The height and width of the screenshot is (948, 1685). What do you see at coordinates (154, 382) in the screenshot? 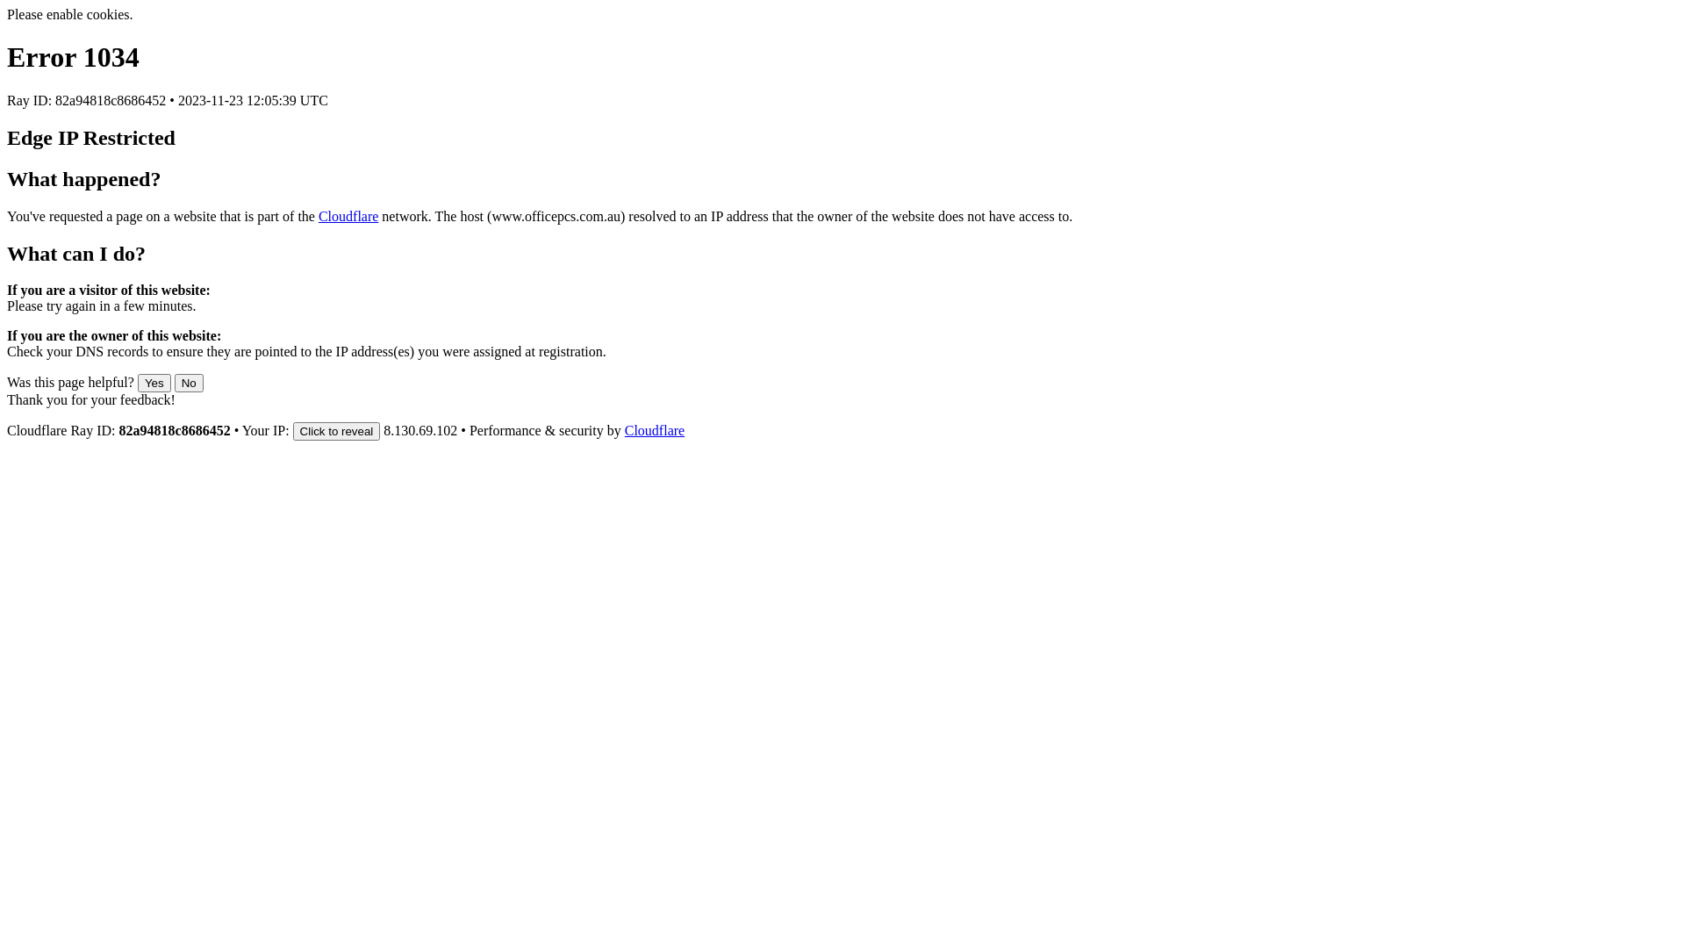
I see `'Yes'` at bounding box center [154, 382].